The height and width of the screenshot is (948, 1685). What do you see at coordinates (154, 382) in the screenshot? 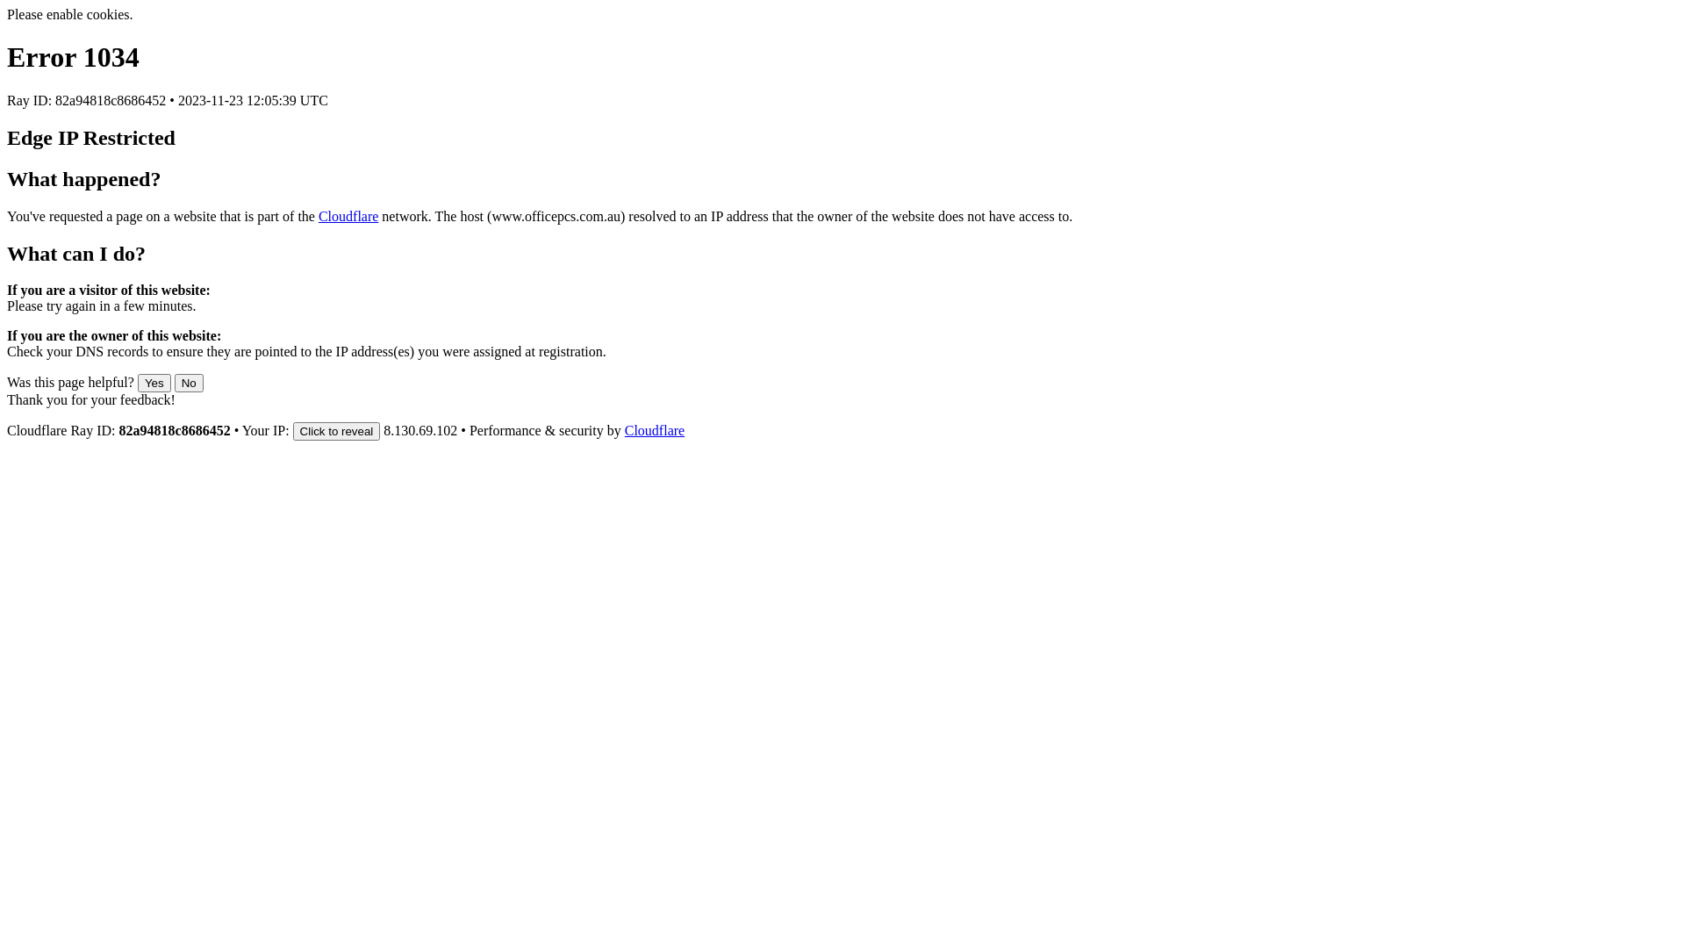
I see `'Yes'` at bounding box center [154, 382].